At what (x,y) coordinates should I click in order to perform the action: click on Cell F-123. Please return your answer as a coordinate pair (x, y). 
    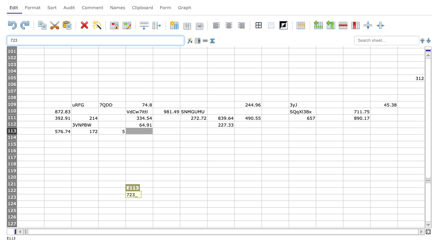
    Looking at the image, I should click on (166, 197).